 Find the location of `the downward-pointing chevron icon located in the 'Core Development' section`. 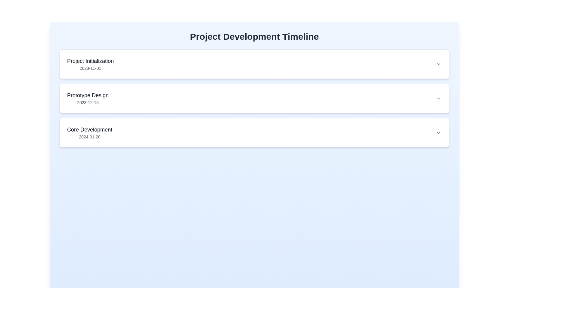

the downward-pointing chevron icon located in the 'Core Development' section is located at coordinates (439, 132).